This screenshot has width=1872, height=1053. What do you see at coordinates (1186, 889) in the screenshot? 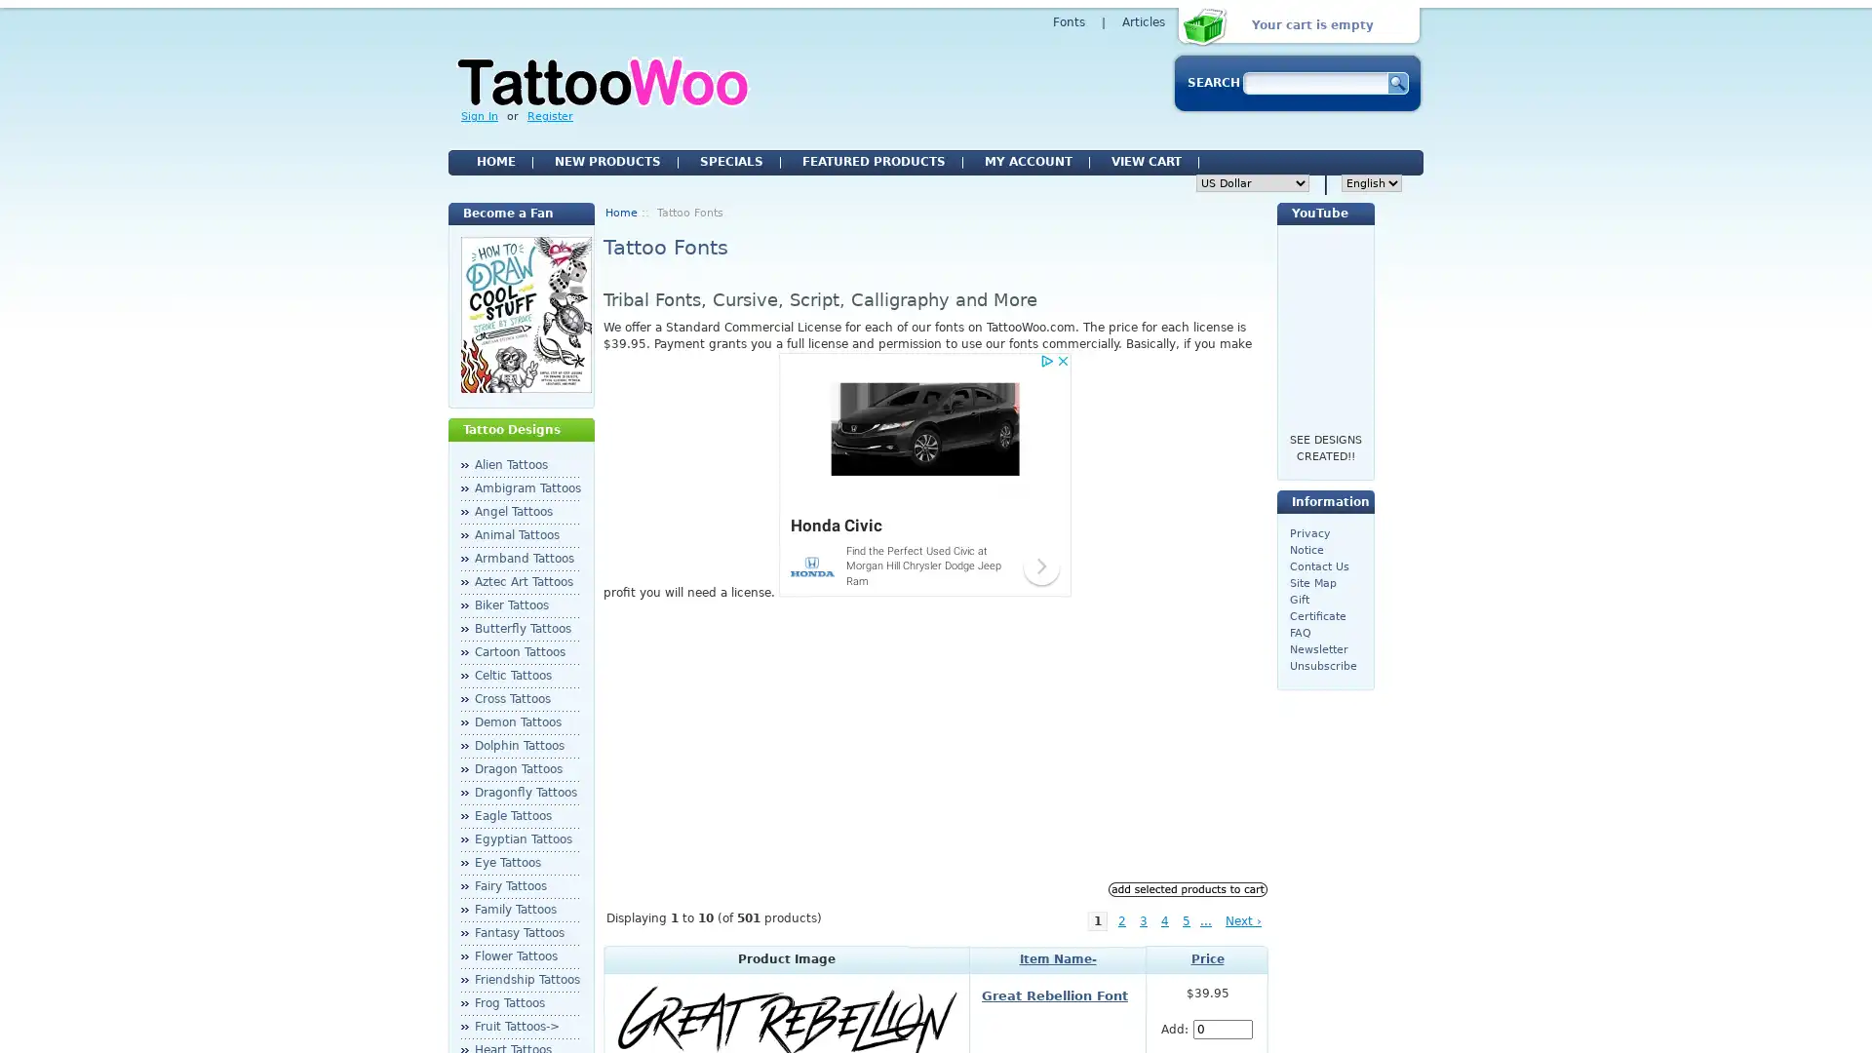
I see `Add Selected Products to Cart` at bounding box center [1186, 889].